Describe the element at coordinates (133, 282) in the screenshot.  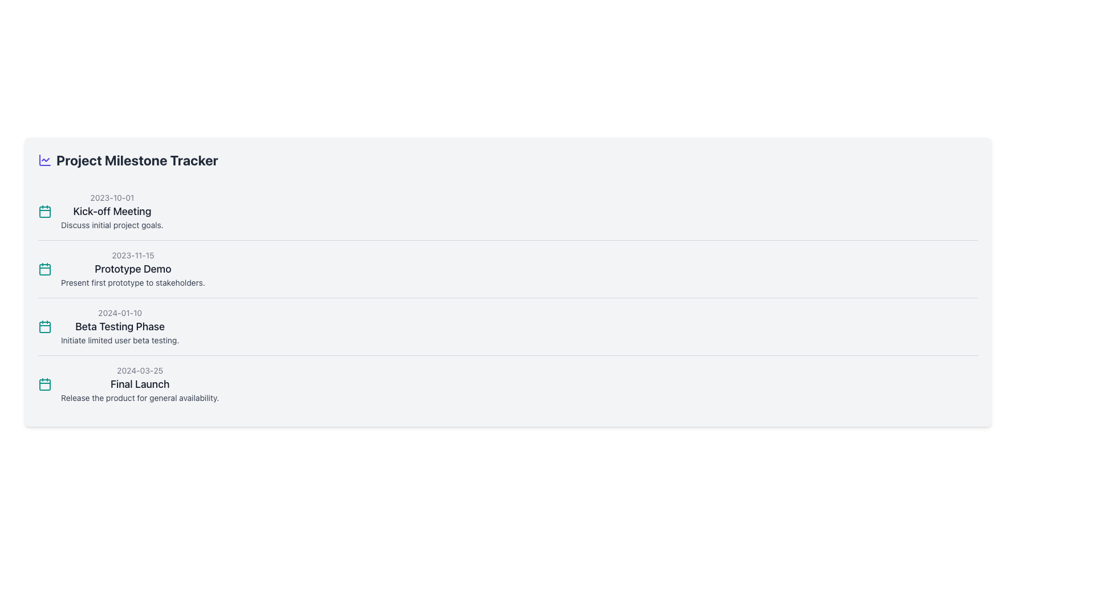
I see `the static text label that reads 'Present first prototype to stakeholders.', which is located below the heading 'Prototype Demo' and aligned with the date '2023-11-15'` at that location.